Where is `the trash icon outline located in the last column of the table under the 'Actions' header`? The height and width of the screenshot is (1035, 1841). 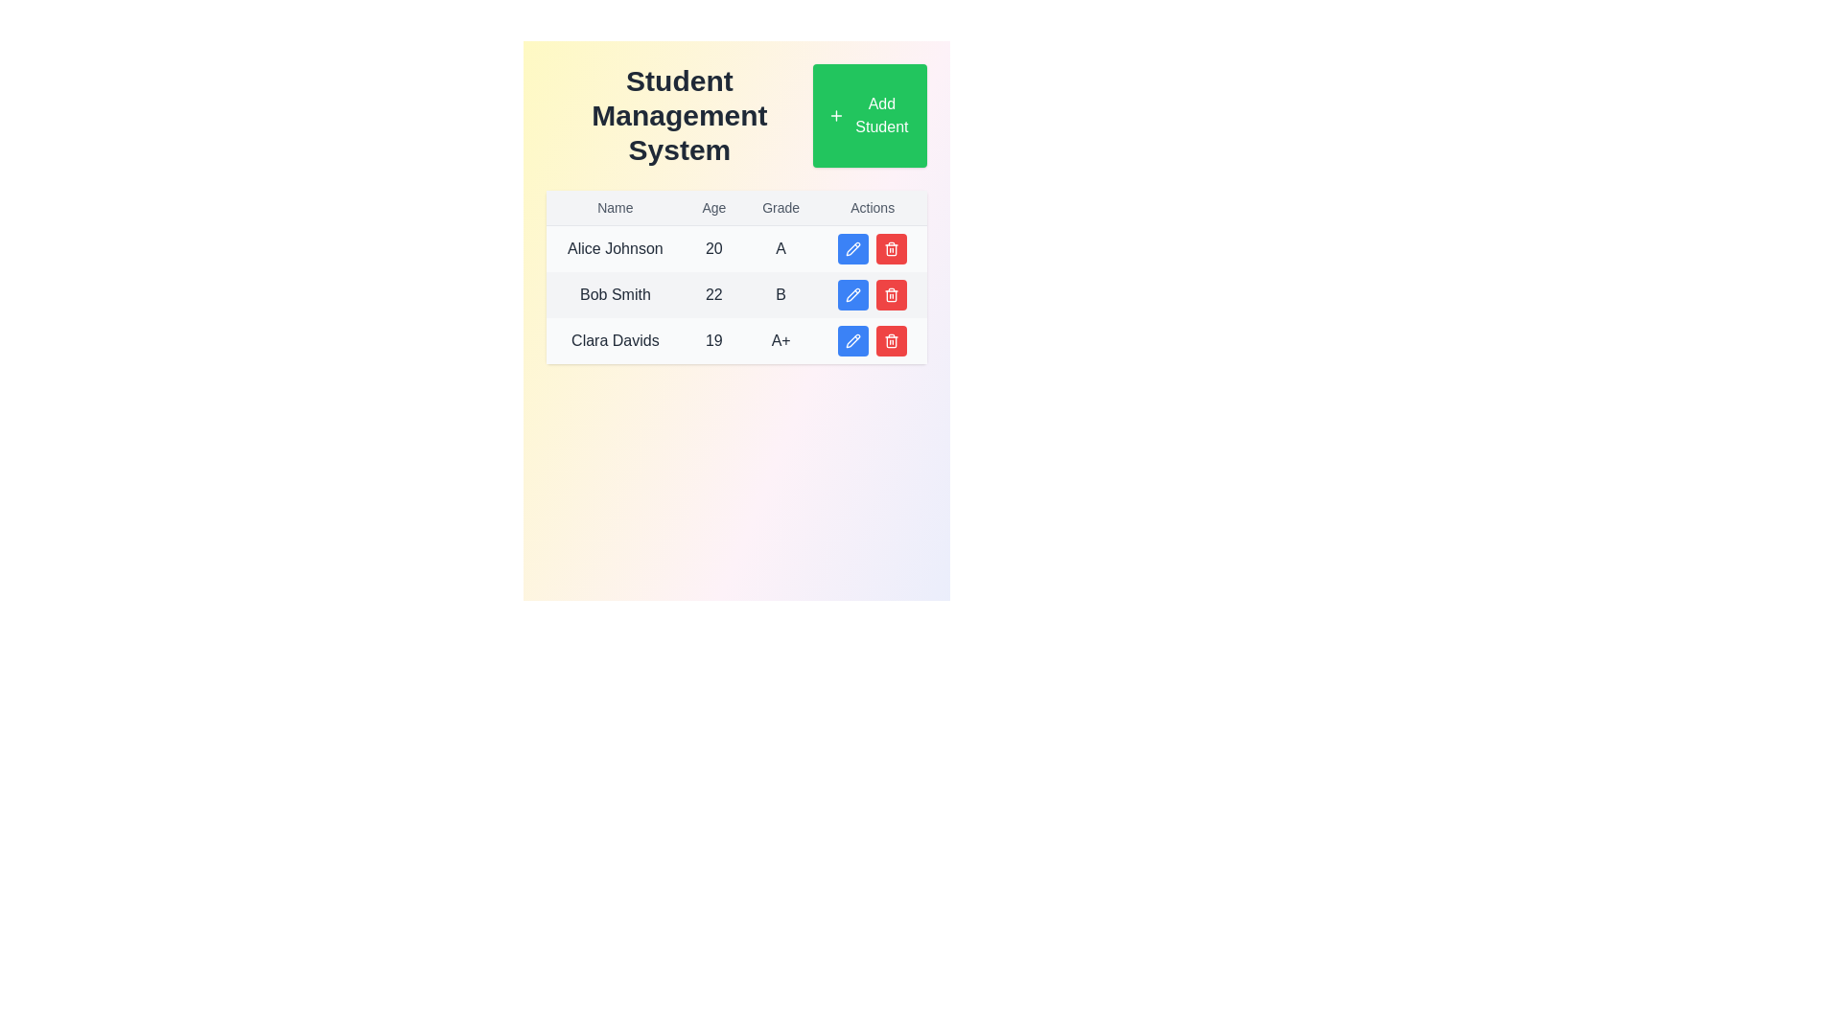 the trash icon outline located in the last column of the table under the 'Actions' header is located at coordinates (891, 341).